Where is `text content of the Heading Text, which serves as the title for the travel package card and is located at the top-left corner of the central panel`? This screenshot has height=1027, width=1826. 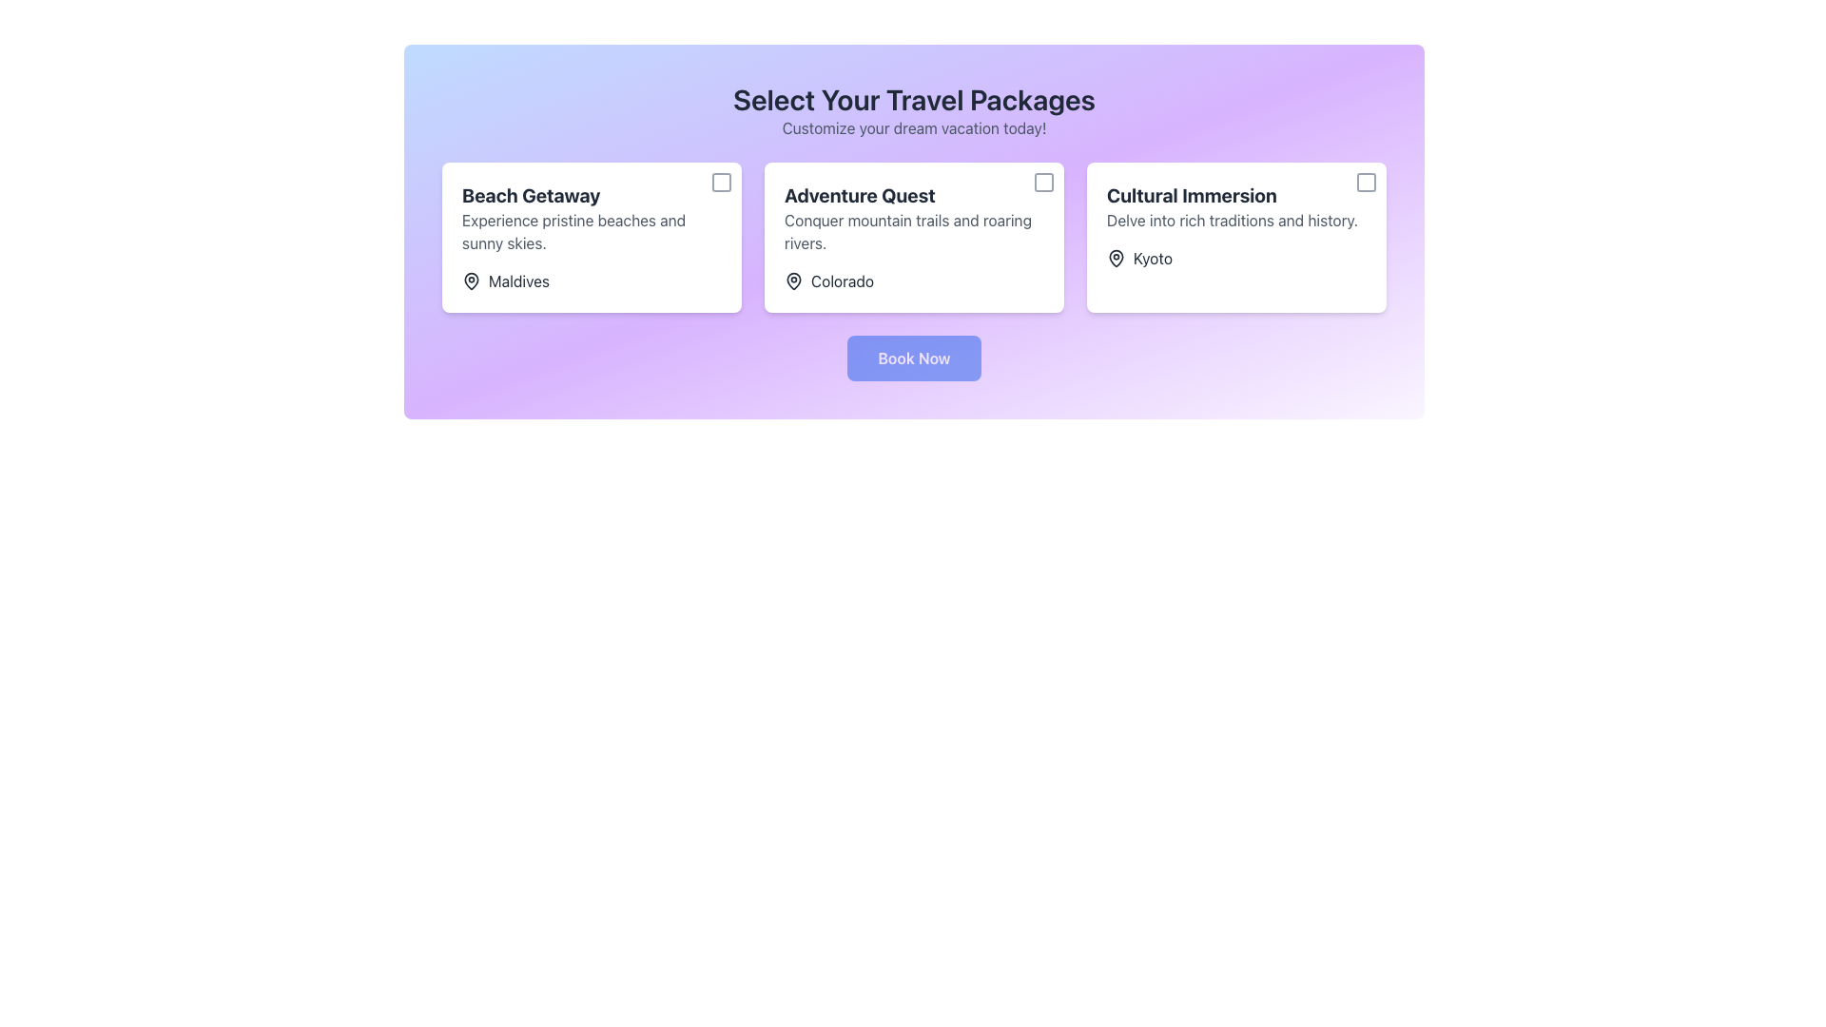 text content of the Heading Text, which serves as the title for the travel package card and is located at the top-left corner of the central panel is located at coordinates (591, 195).